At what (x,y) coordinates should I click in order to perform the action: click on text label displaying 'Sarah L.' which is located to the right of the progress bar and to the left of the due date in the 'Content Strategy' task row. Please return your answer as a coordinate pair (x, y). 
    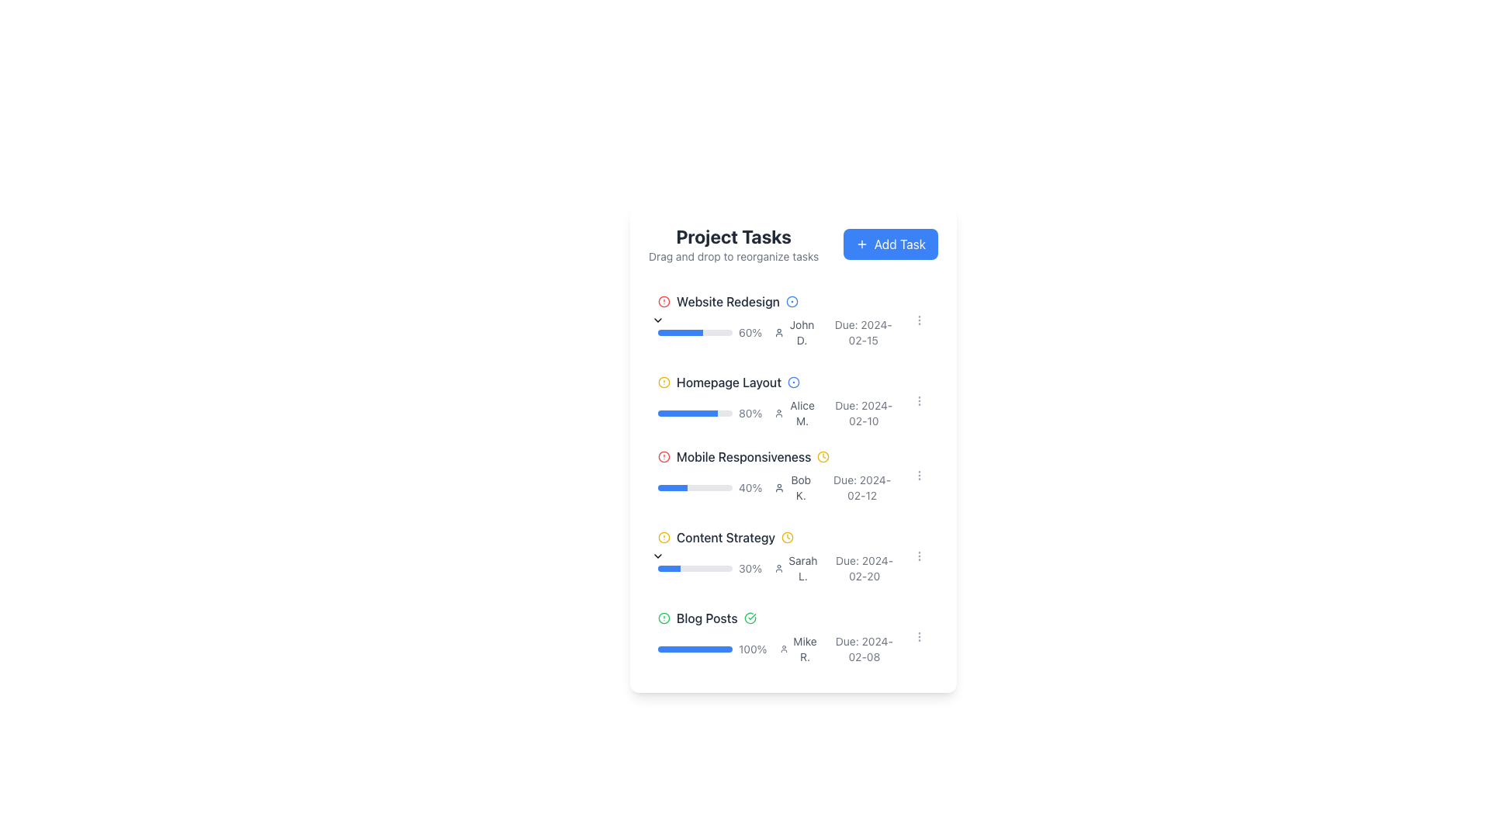
    Looking at the image, I should click on (802, 568).